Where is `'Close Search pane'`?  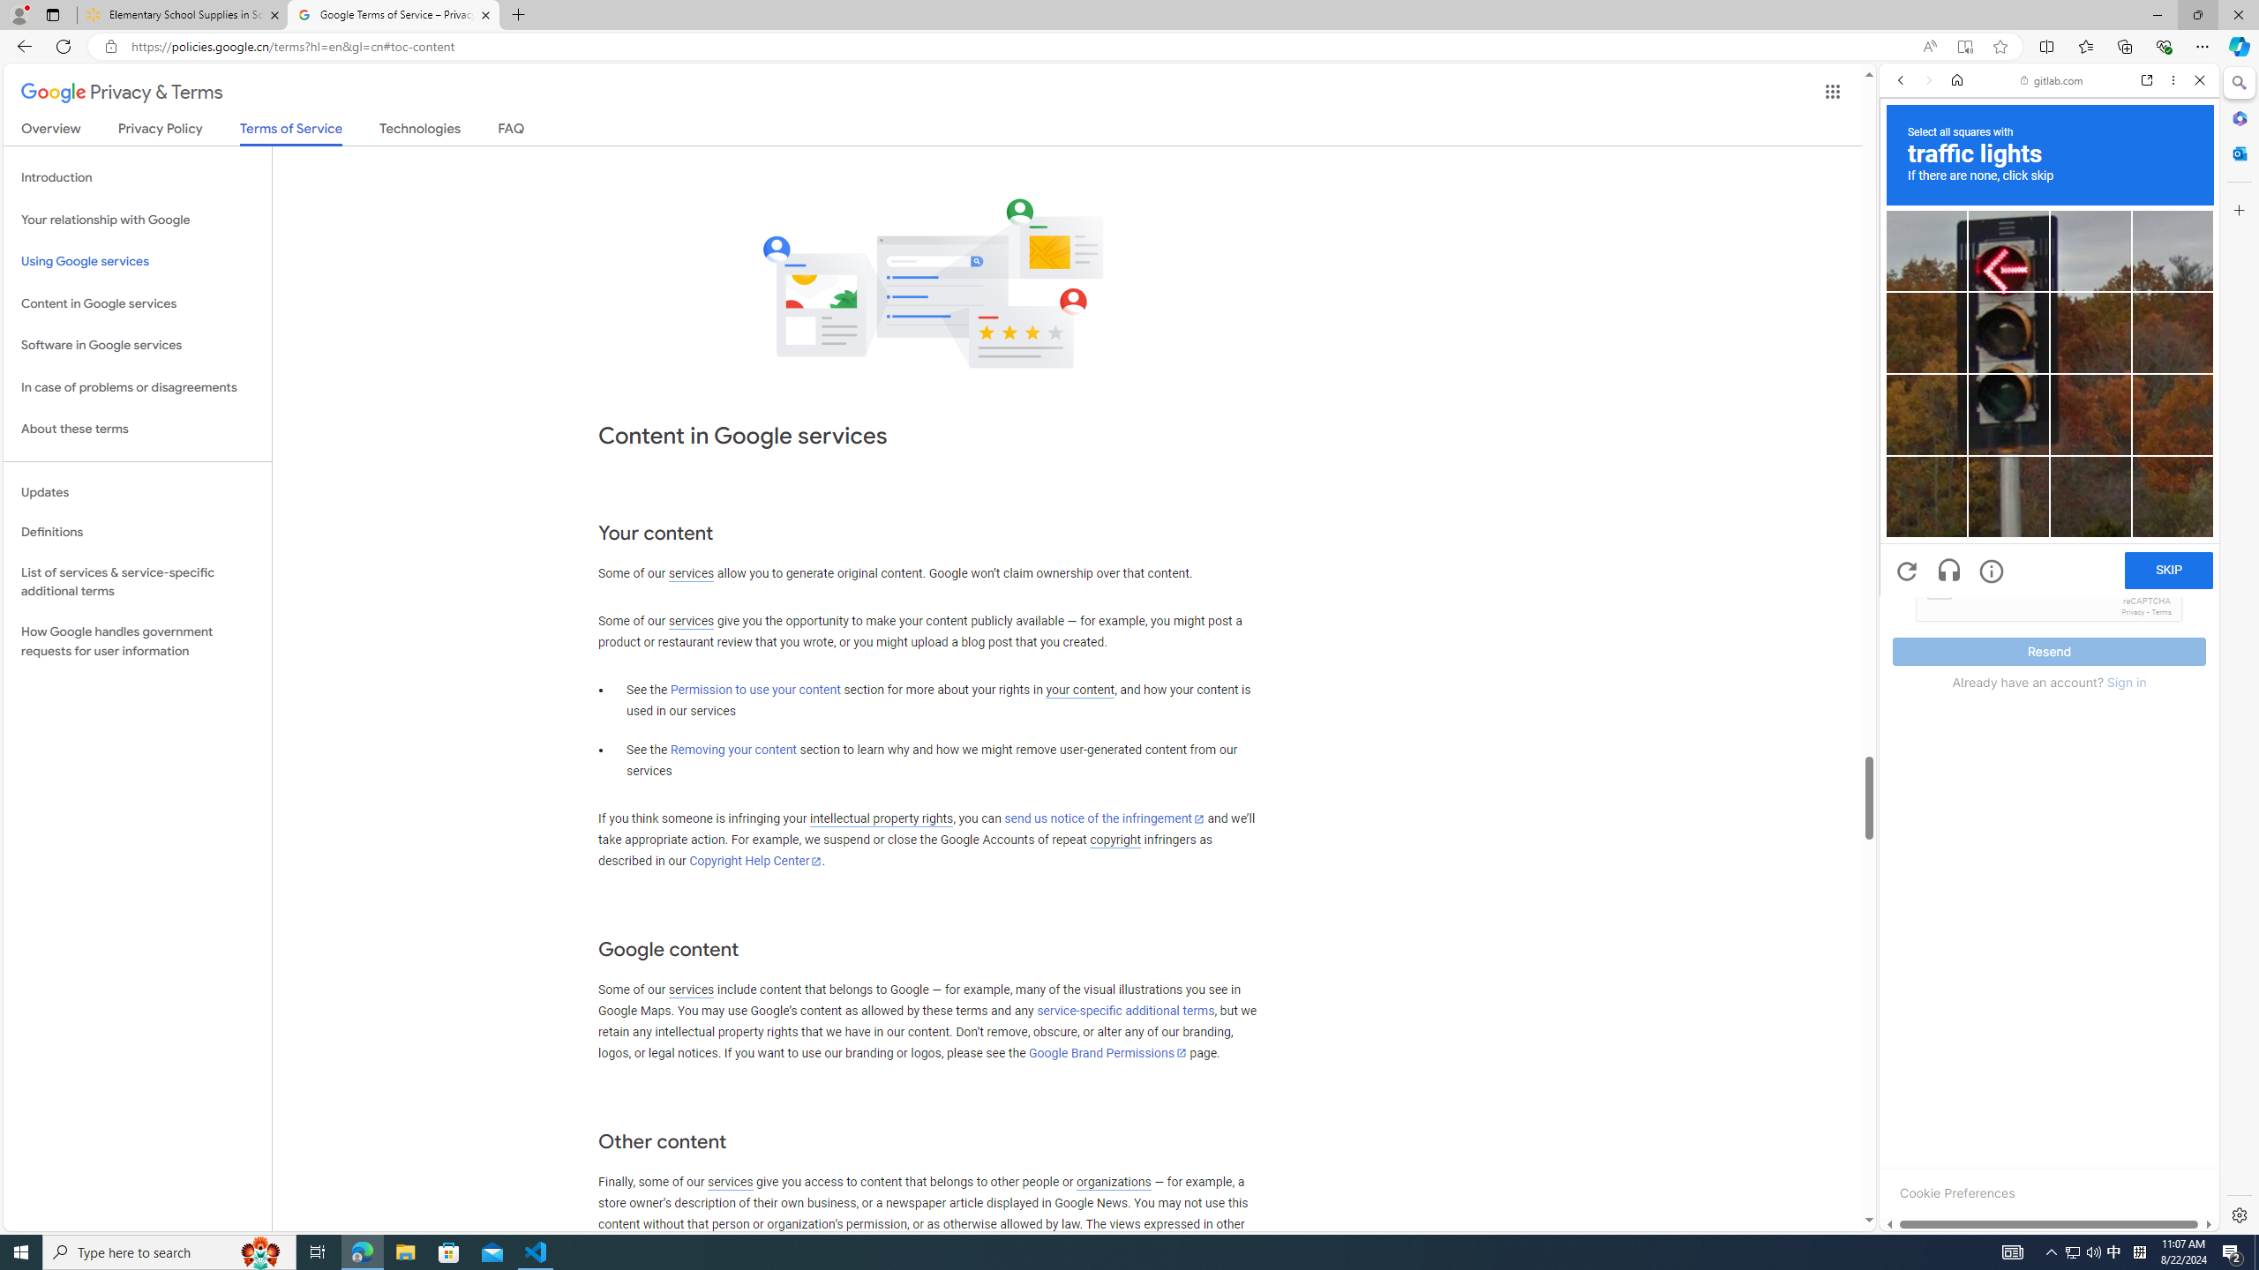 'Close Search pane' is located at coordinates (2237, 82).